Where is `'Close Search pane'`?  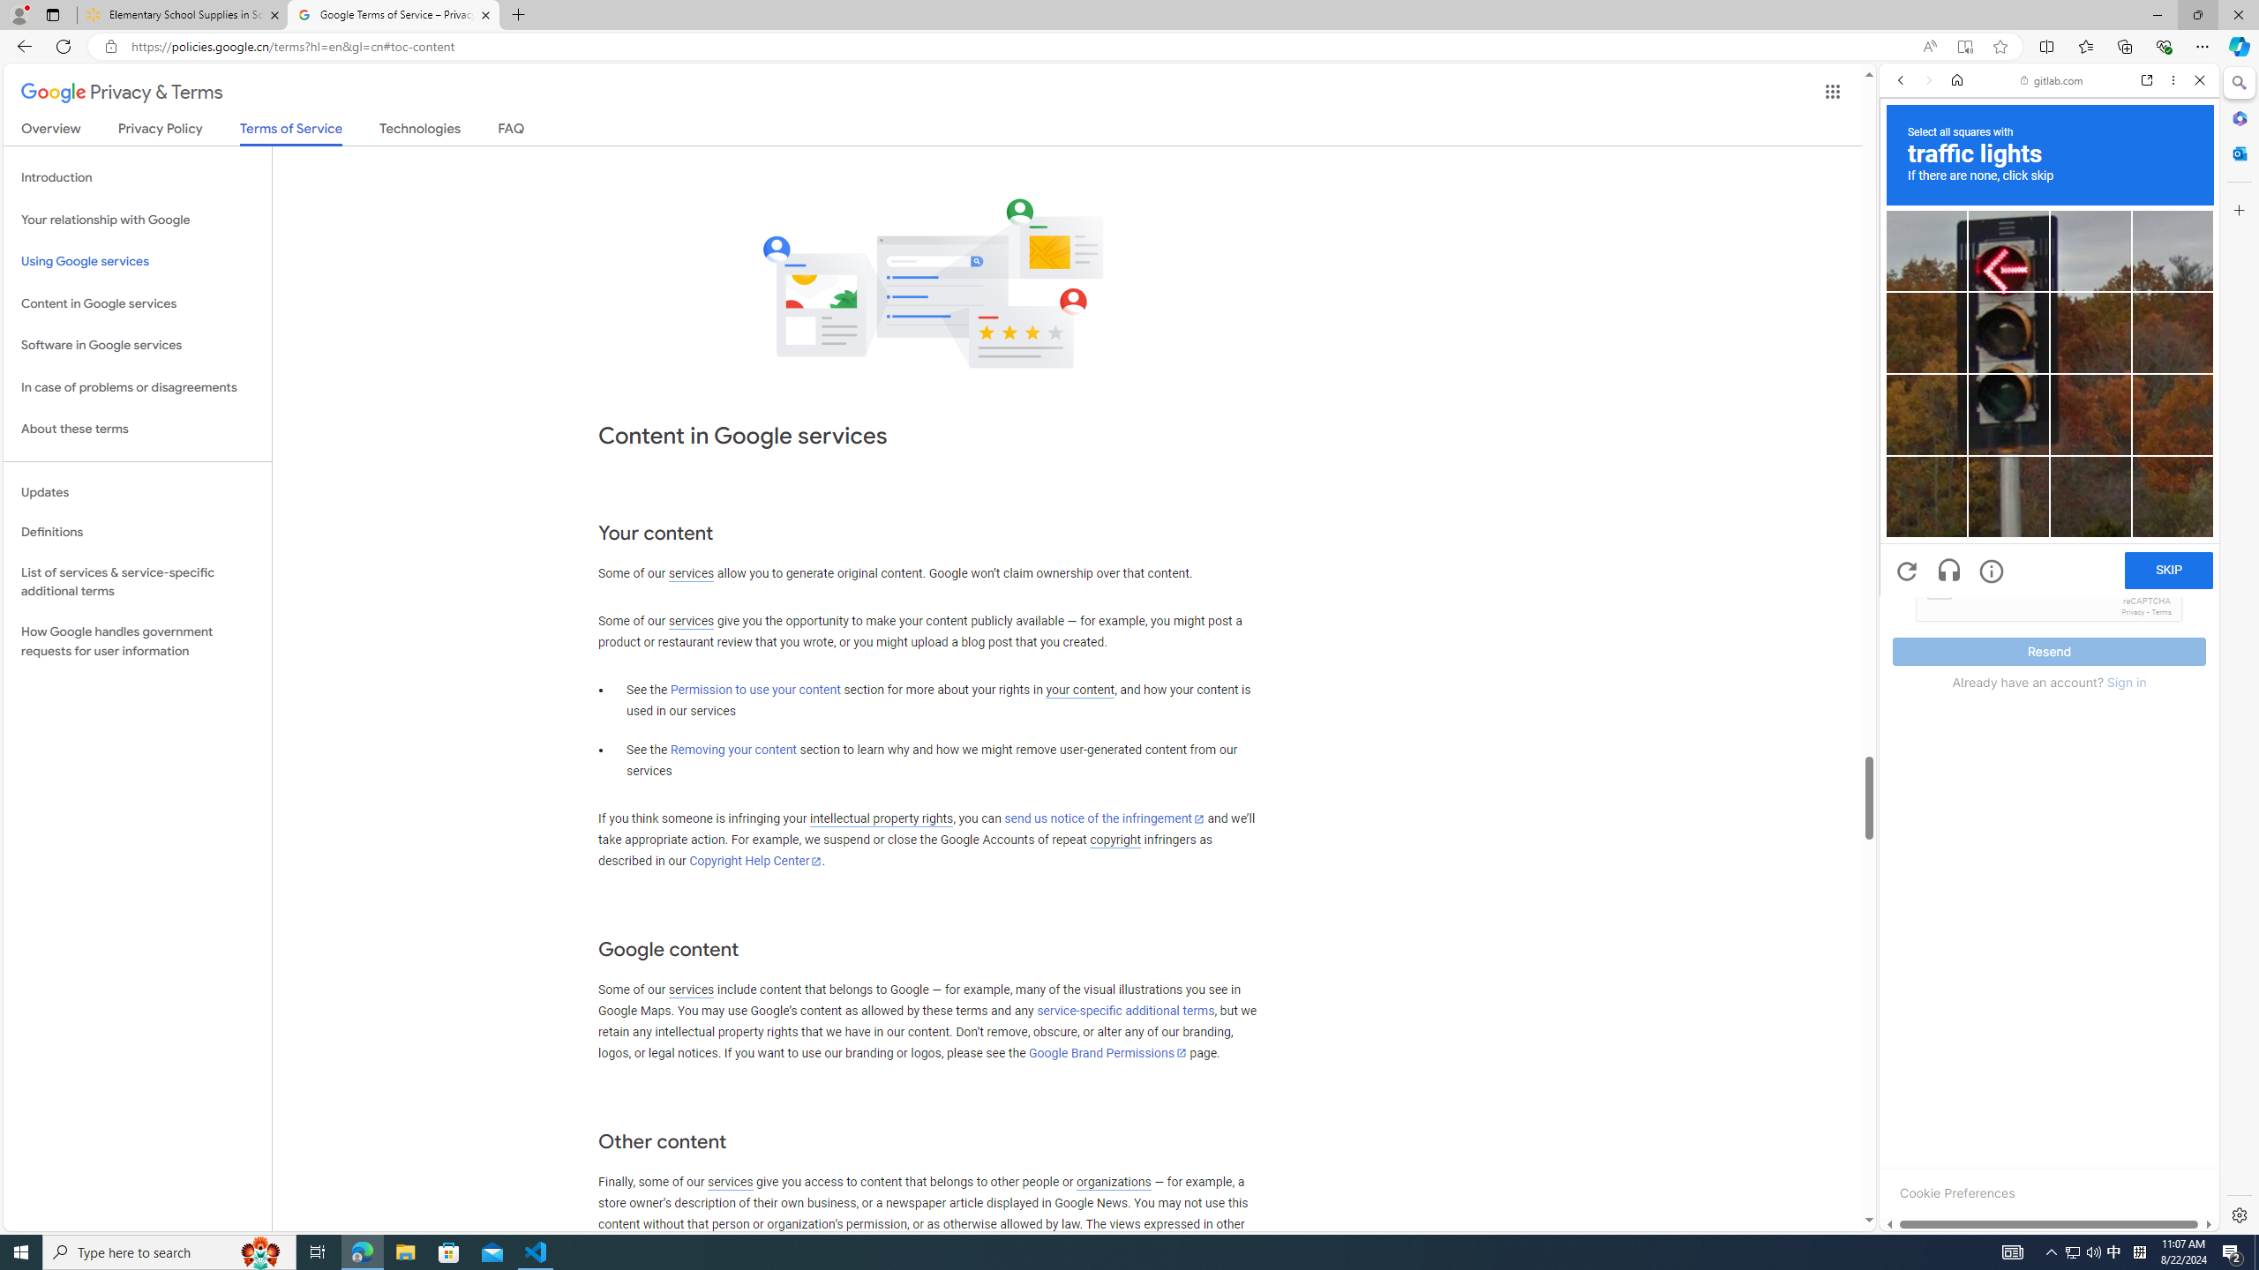 'Close Search pane' is located at coordinates (2237, 82).